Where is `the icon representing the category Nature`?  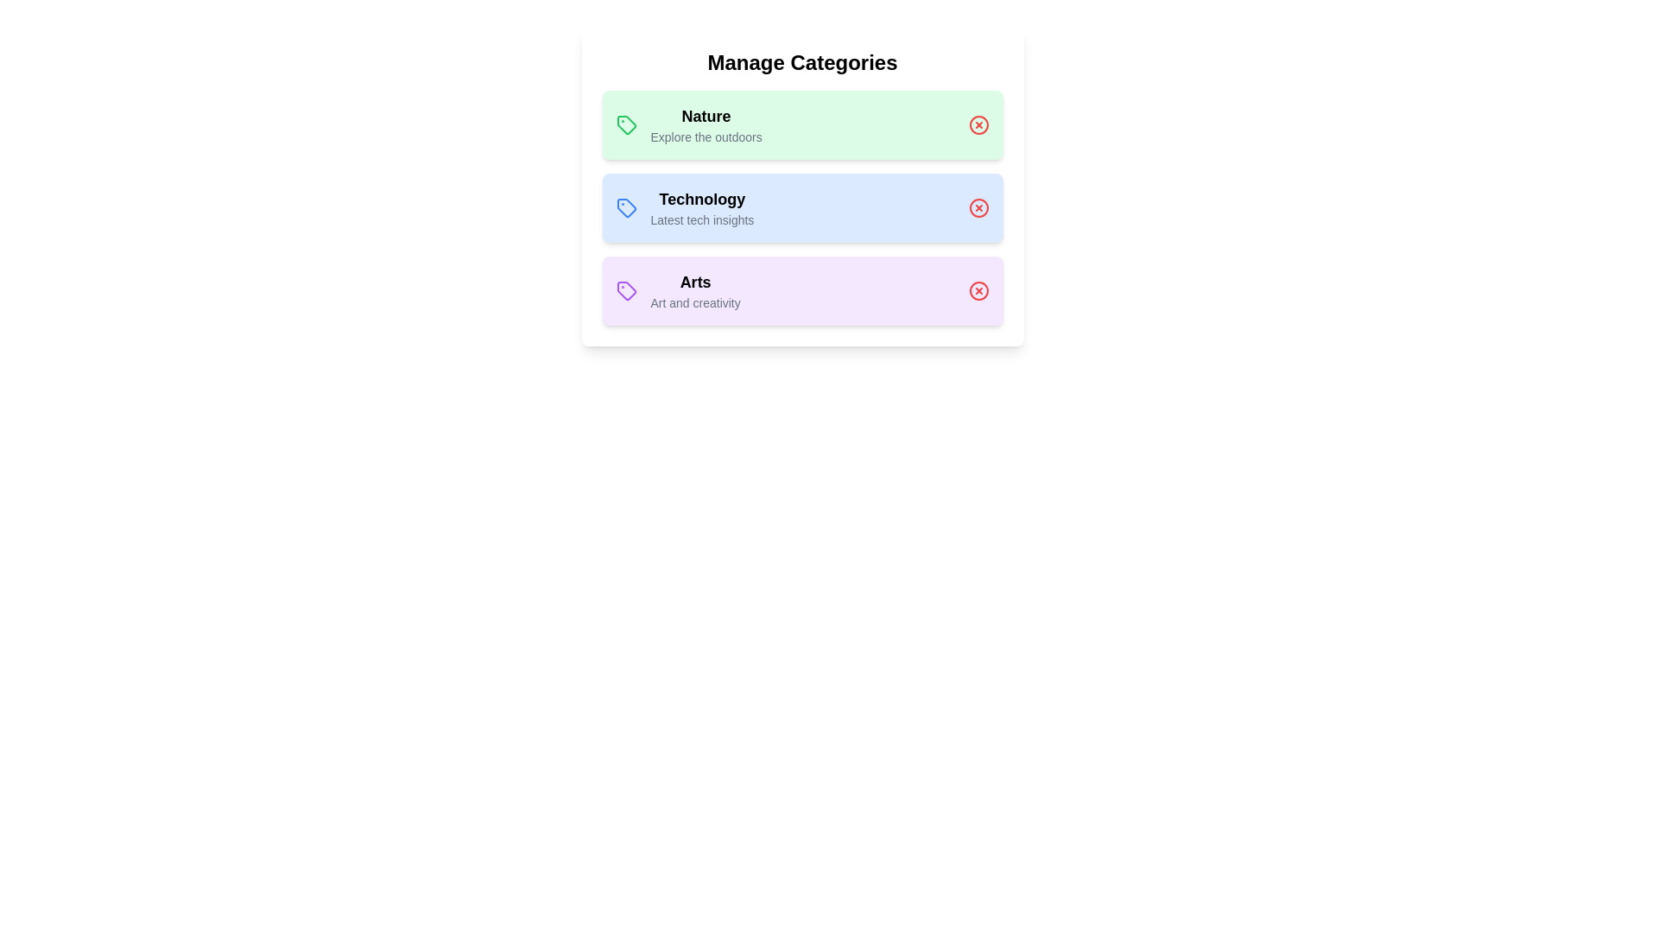
the icon representing the category Nature is located at coordinates (625, 124).